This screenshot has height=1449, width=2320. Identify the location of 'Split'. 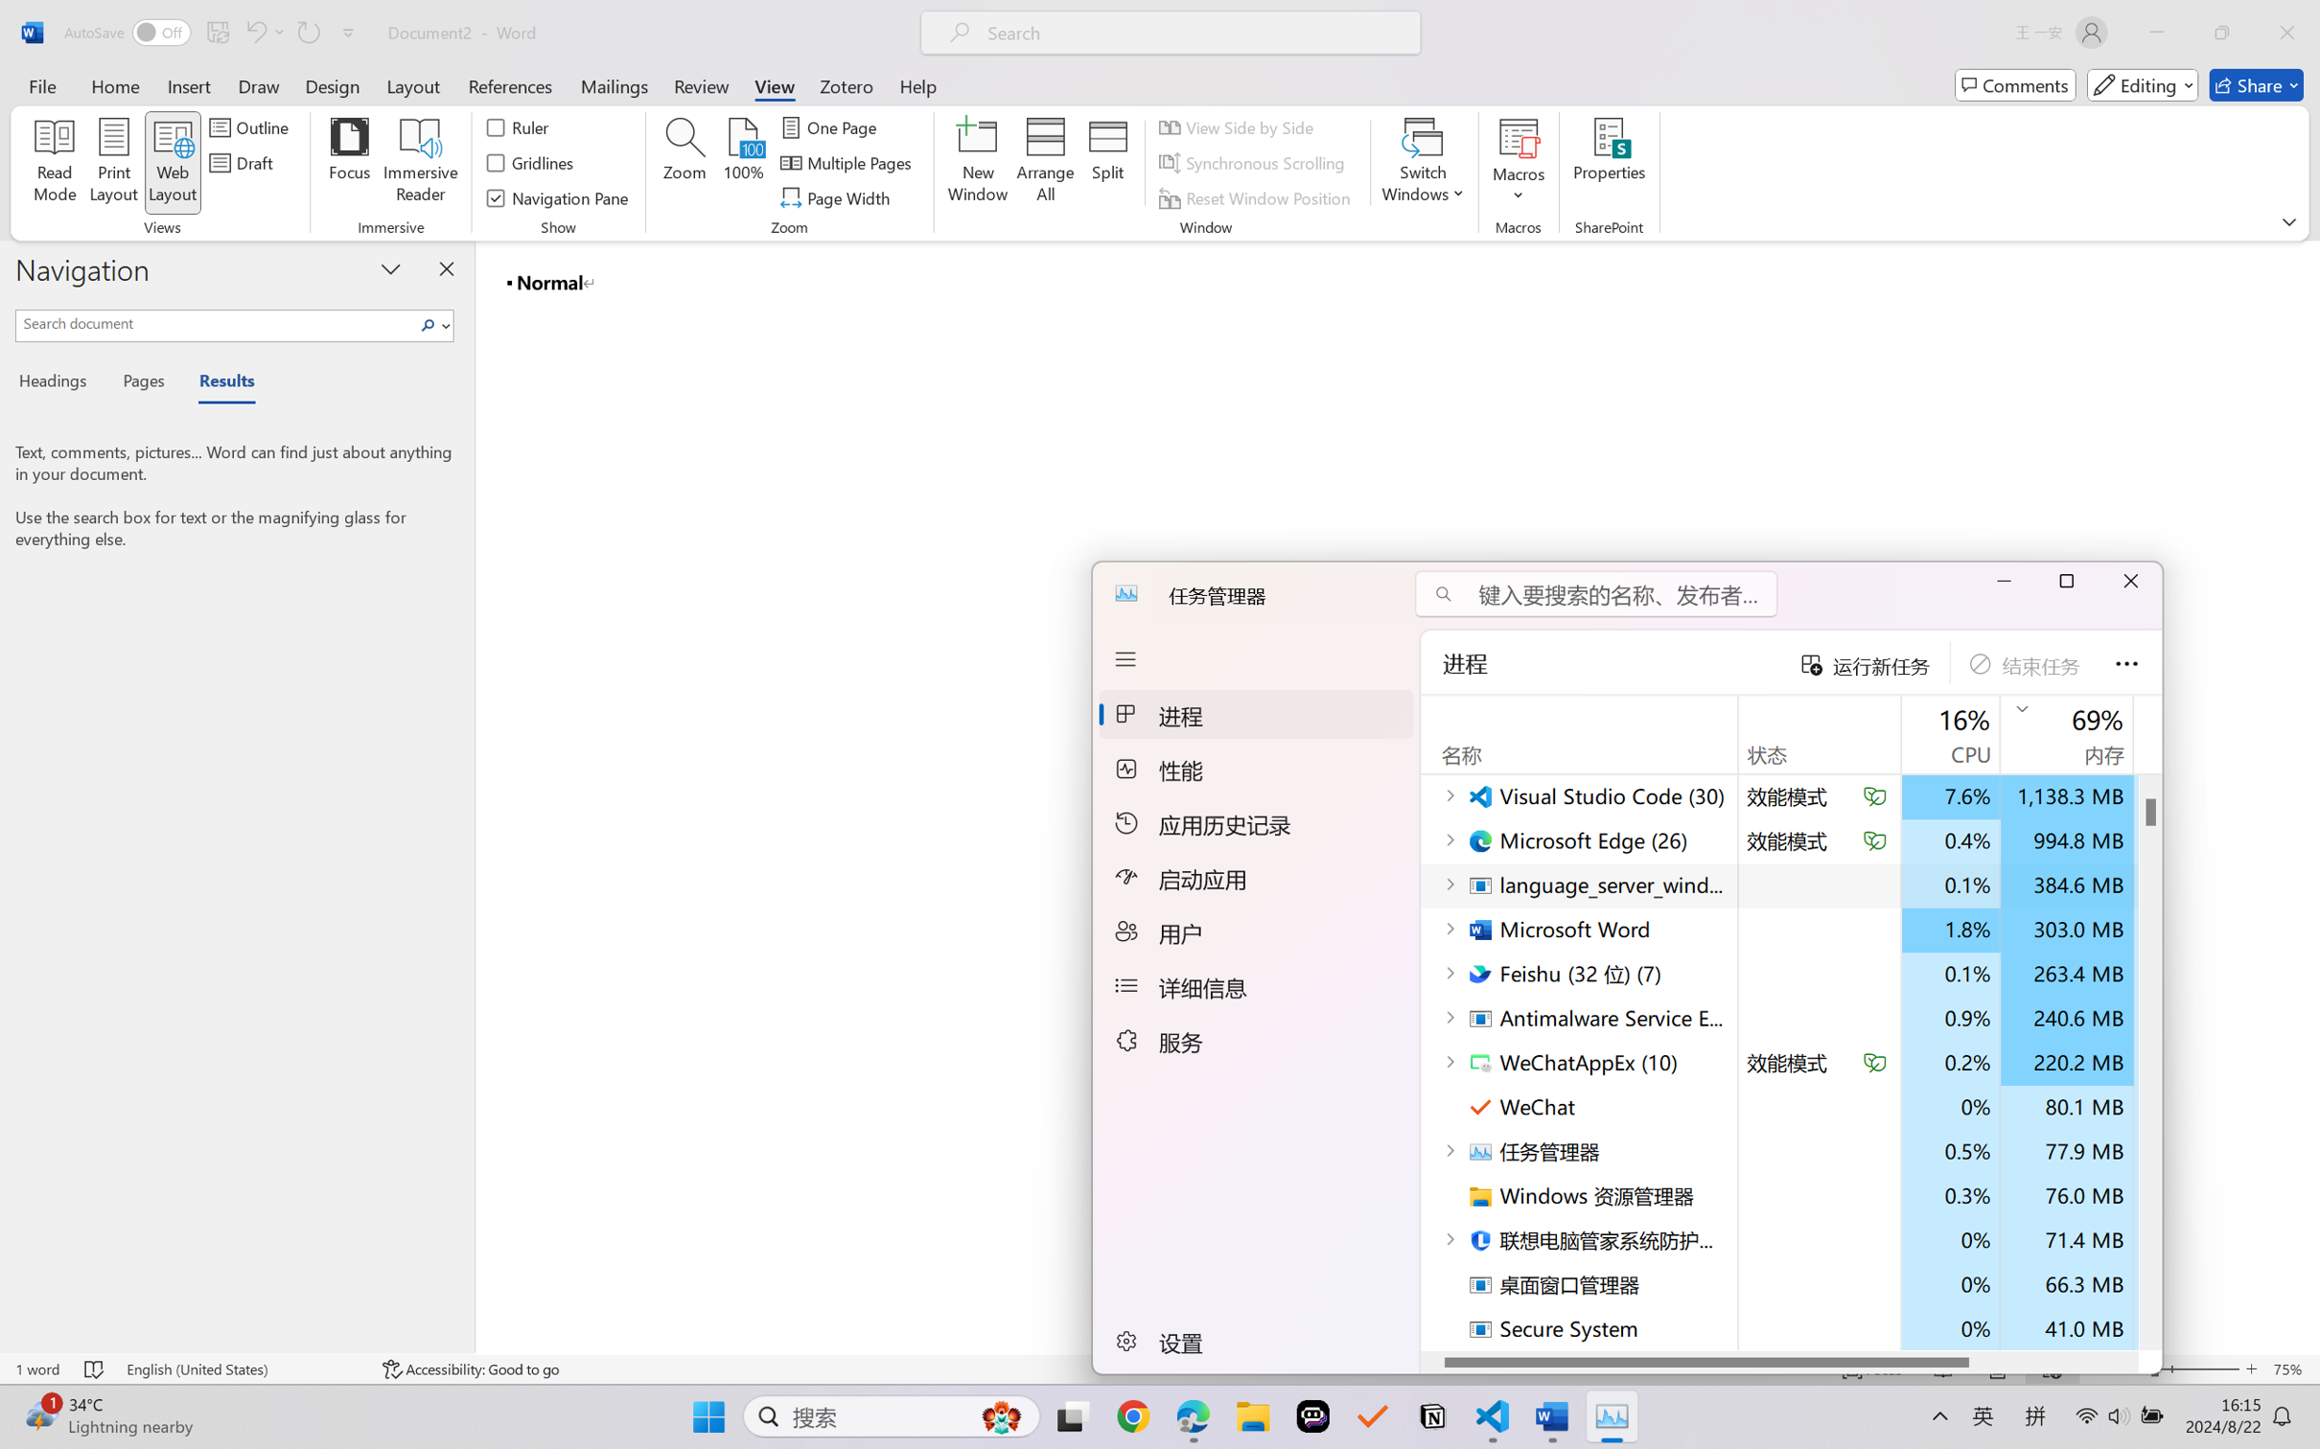
(1107, 163).